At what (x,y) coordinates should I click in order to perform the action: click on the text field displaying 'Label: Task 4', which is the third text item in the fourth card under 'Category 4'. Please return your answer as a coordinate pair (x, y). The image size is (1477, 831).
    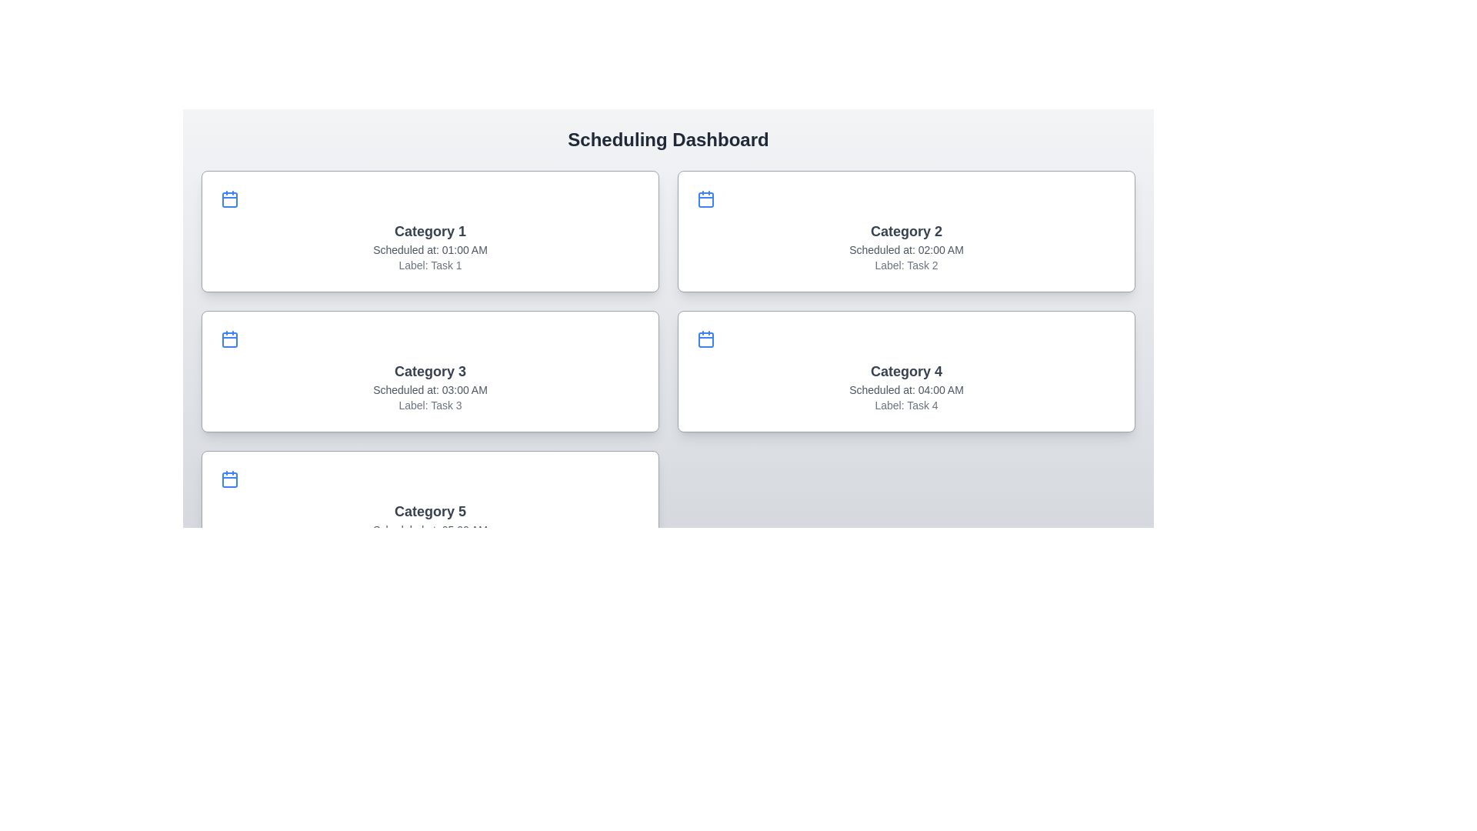
    Looking at the image, I should click on (906, 405).